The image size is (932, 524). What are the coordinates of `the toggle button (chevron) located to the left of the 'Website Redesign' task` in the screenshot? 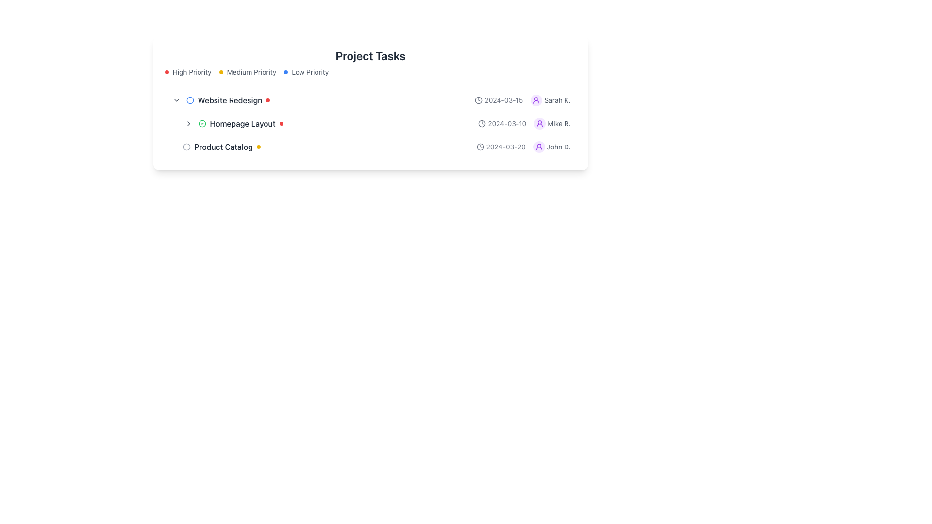 It's located at (176, 100).